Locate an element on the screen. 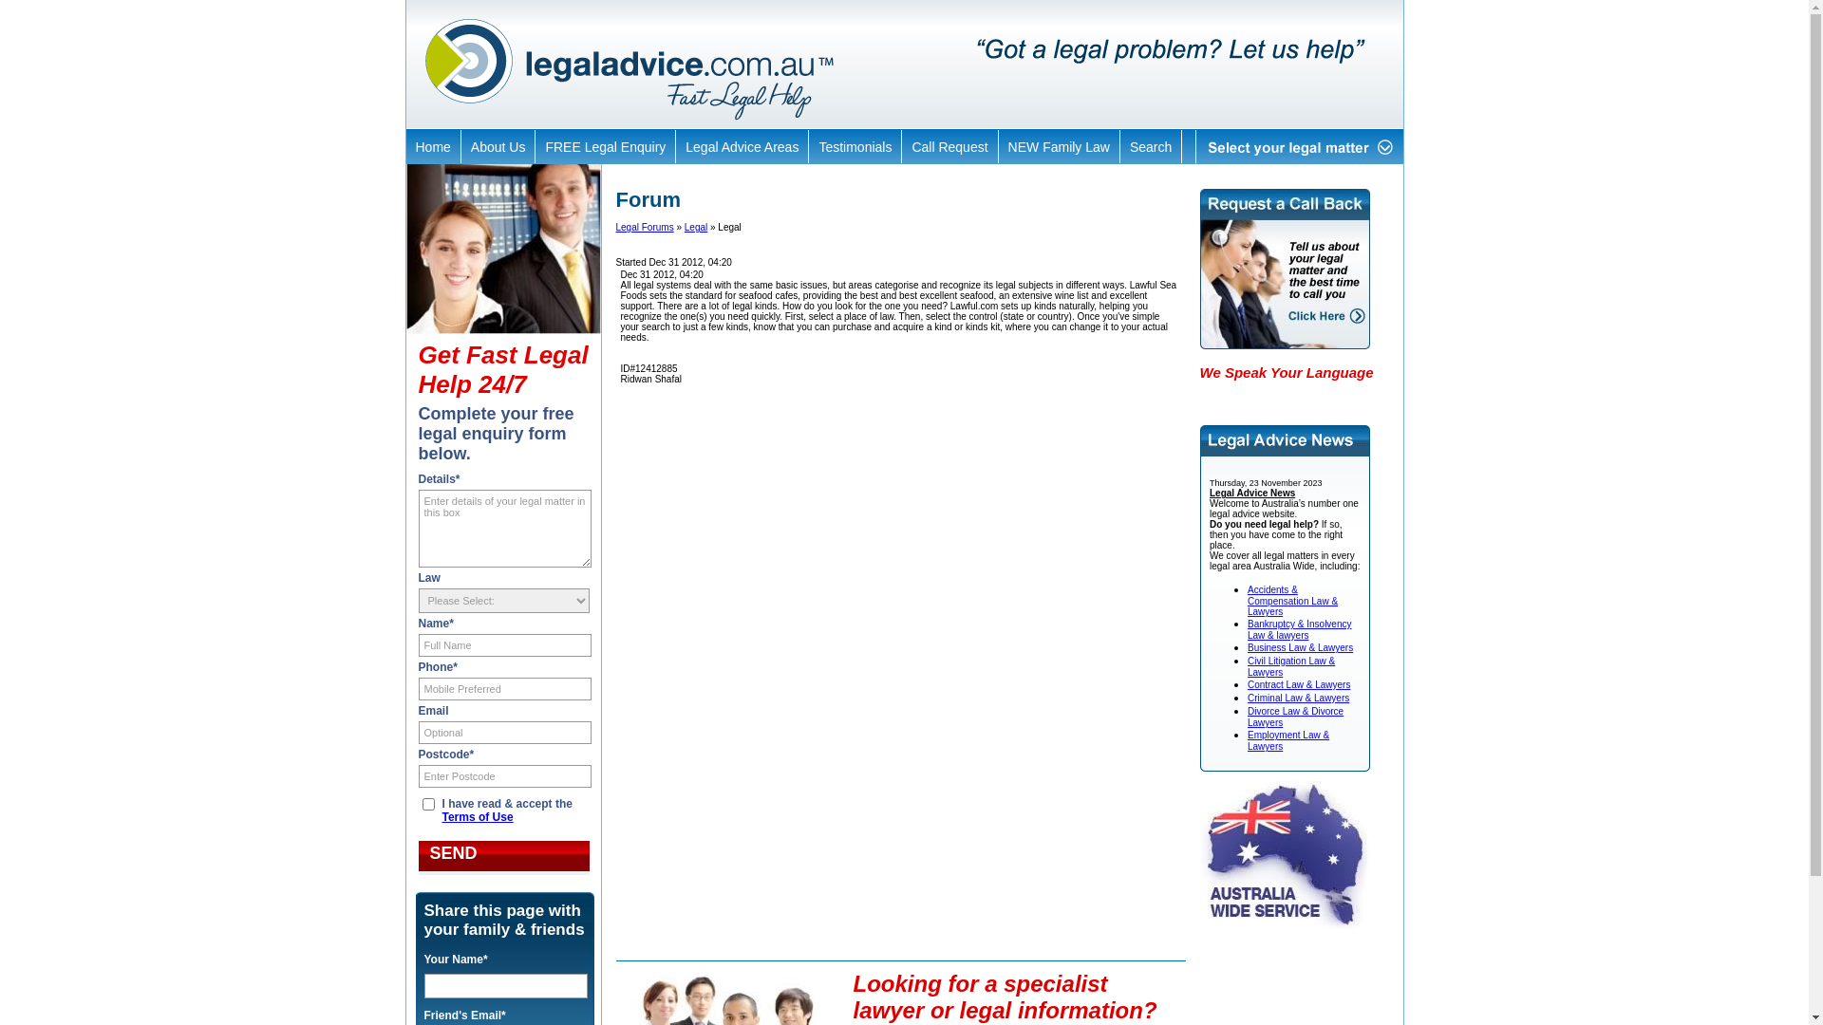 The width and height of the screenshot is (1823, 1025). 'Legal Advice Areas' is located at coordinates (741, 145).